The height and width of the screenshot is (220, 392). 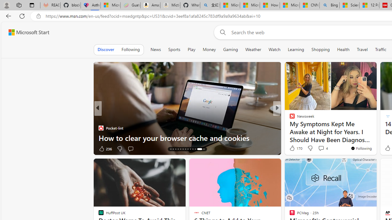 What do you see at coordinates (173, 149) in the screenshot?
I see `'AutomationID: tab-15'` at bounding box center [173, 149].